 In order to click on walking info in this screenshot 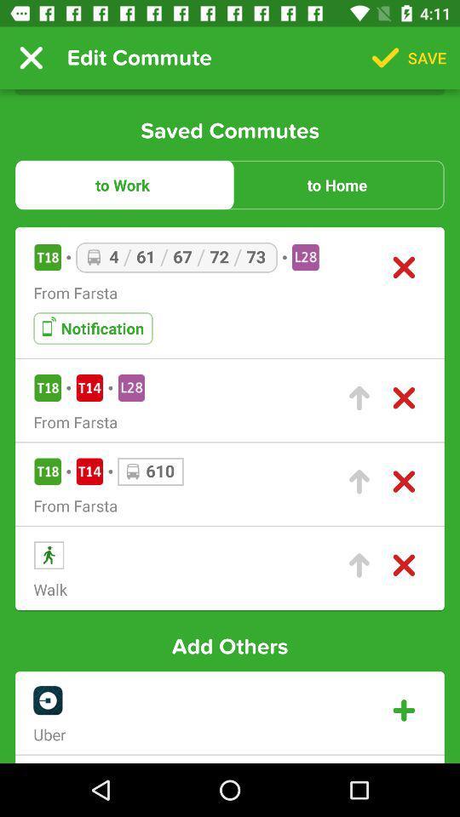, I will do `click(358, 565)`.